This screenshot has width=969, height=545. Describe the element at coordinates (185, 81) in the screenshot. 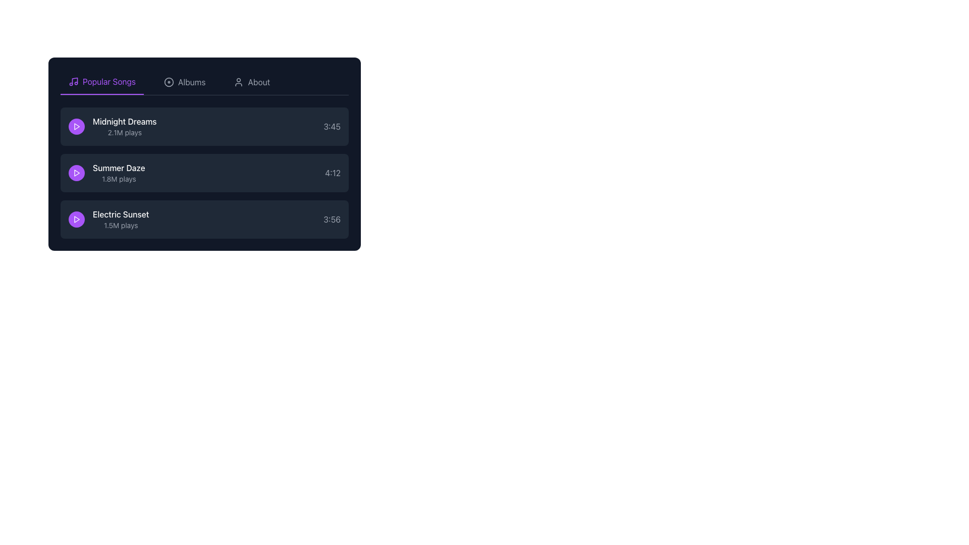

I see `the 'Albums' button in the navigation bar` at that location.